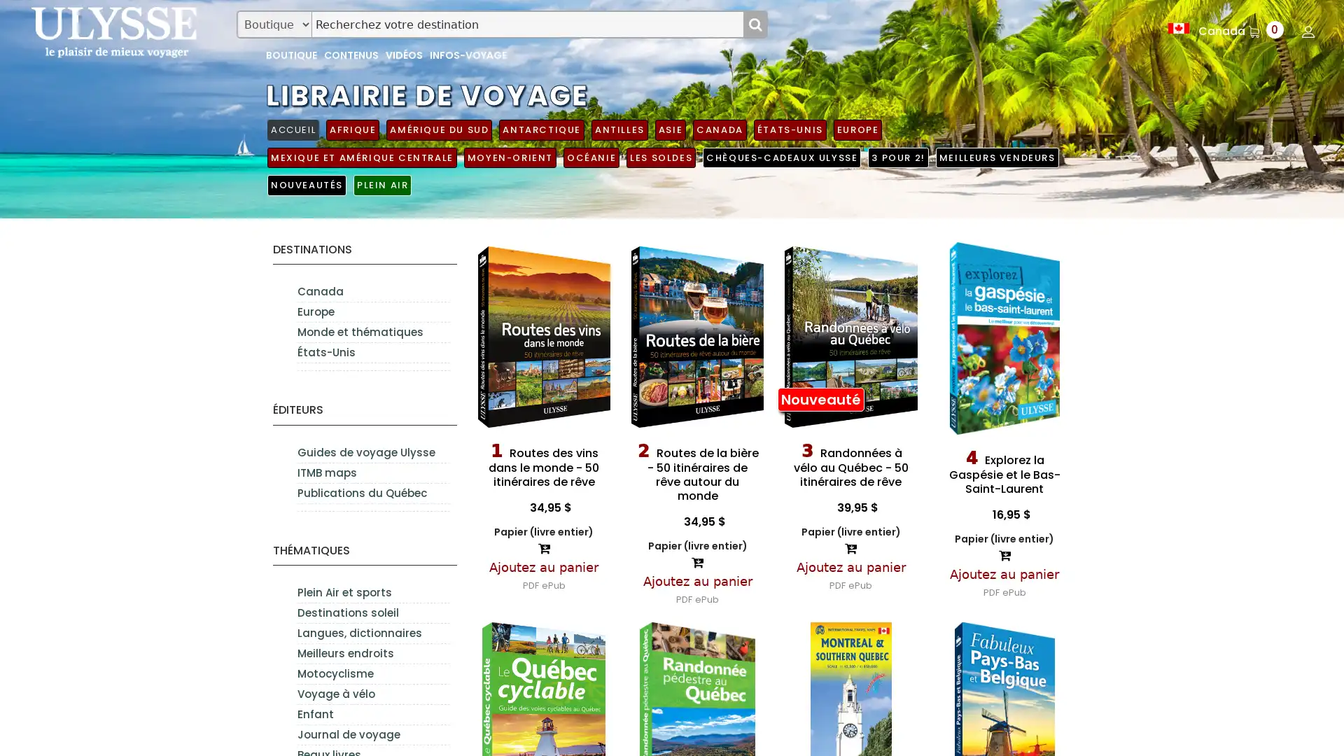 The width and height of the screenshot is (1344, 756). What do you see at coordinates (790, 129) in the screenshot?
I see `ETATS-UNIS` at bounding box center [790, 129].